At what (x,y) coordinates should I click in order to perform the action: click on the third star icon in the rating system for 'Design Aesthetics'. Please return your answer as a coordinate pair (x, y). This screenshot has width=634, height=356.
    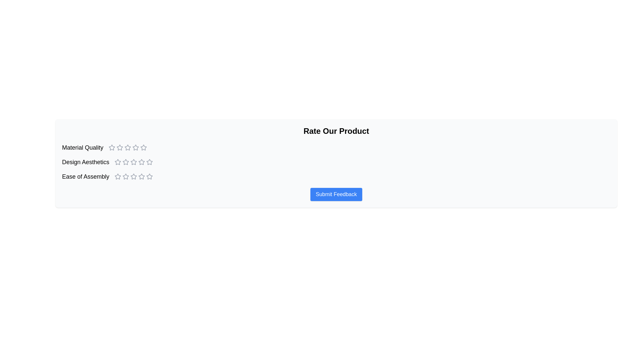
    Looking at the image, I should click on (126, 162).